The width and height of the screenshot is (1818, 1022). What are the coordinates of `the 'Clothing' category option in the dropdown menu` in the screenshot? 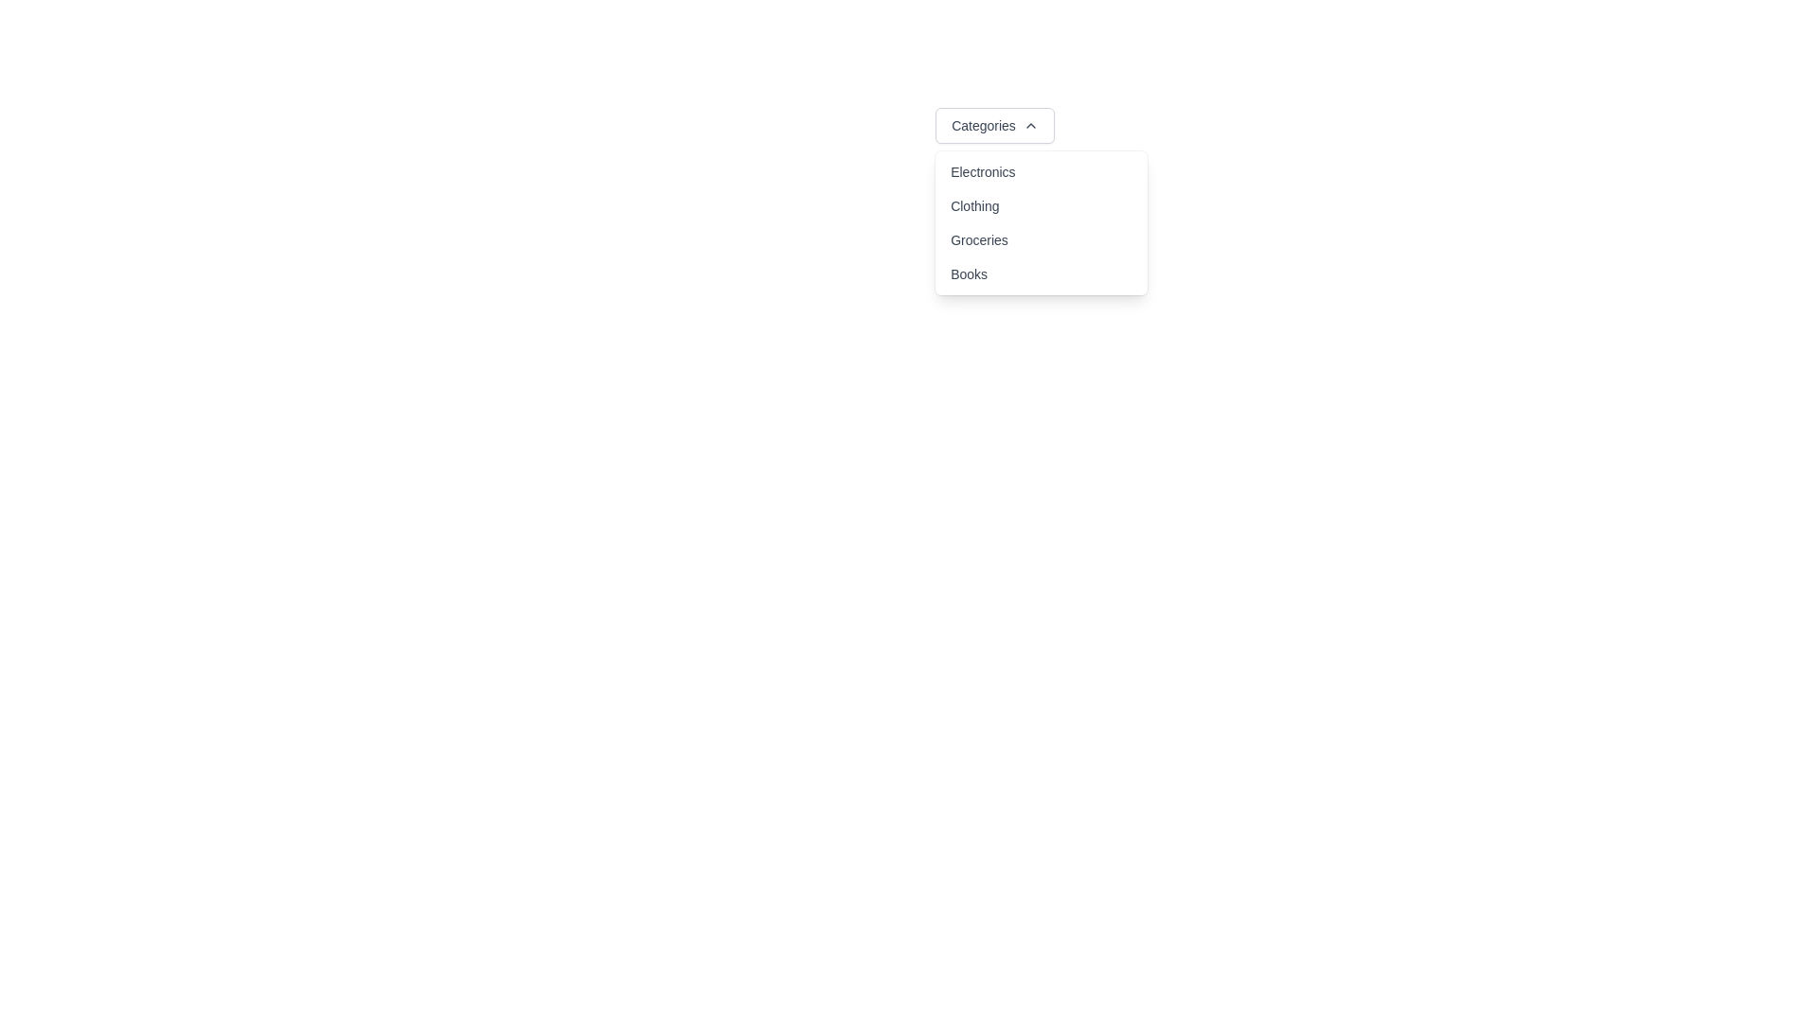 It's located at (1041, 206).